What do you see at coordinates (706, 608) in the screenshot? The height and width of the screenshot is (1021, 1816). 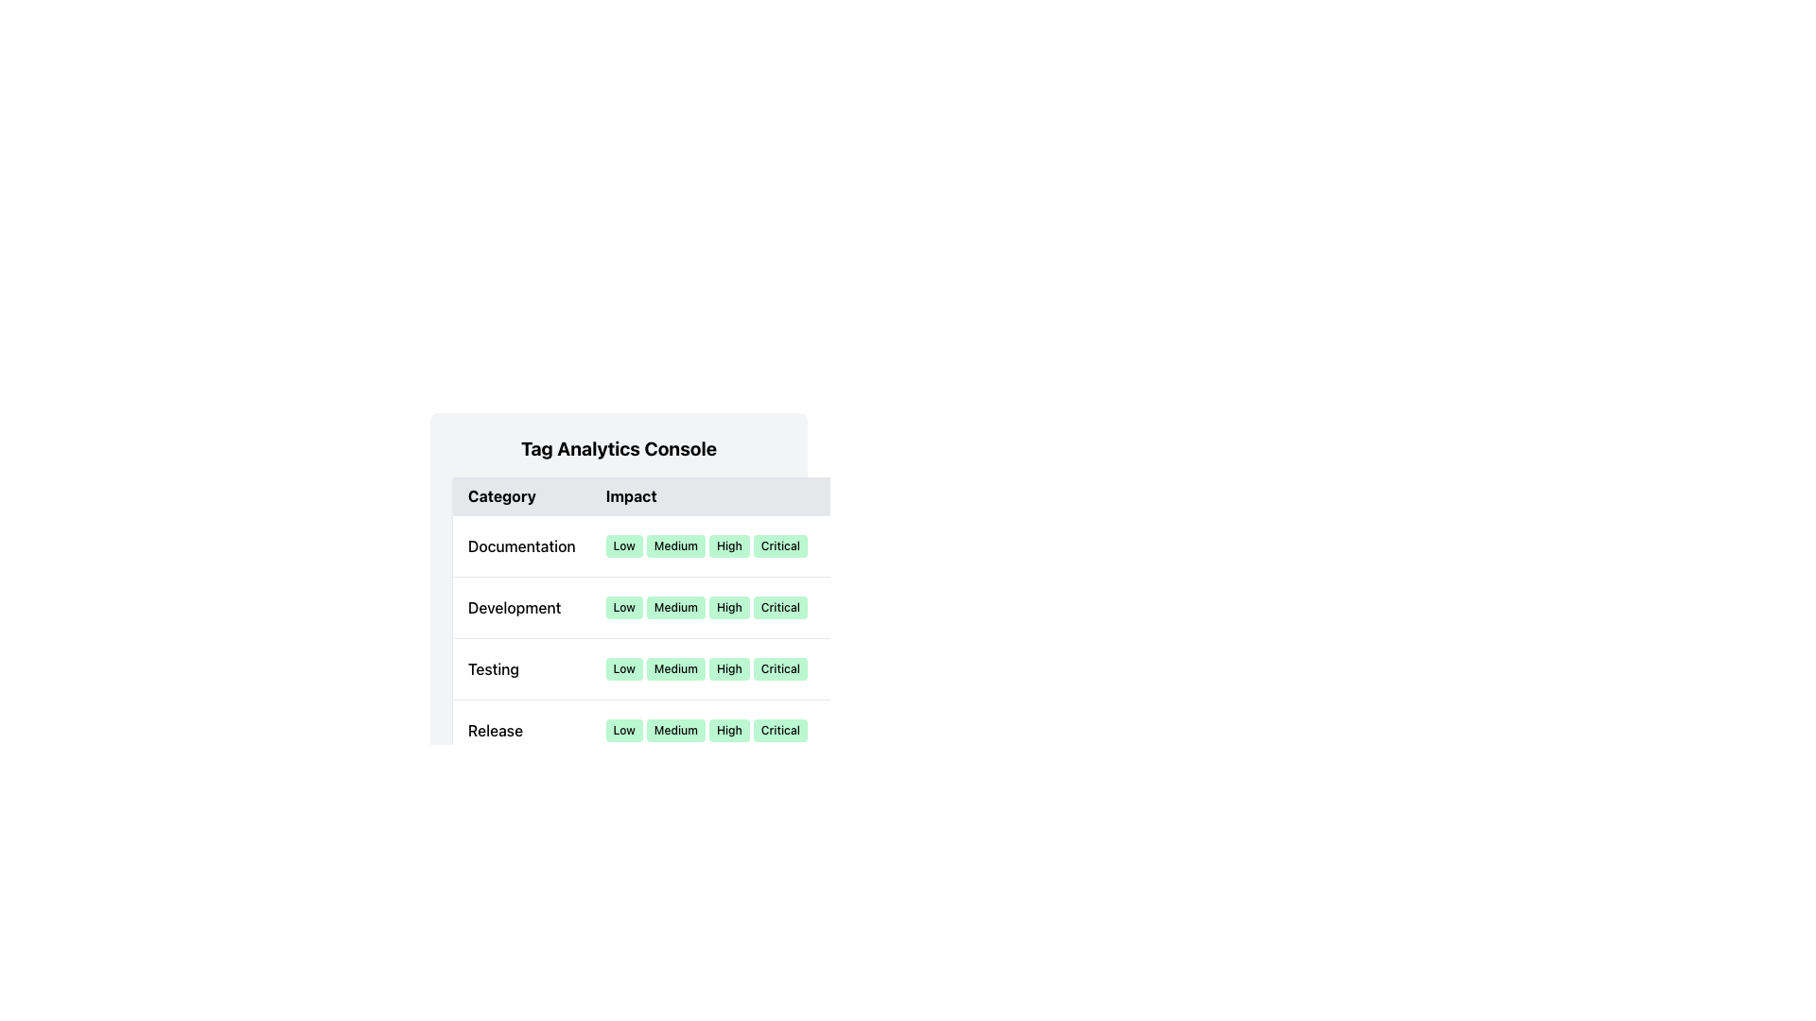 I see `the second group of buttons styled as tags under the 'Impact' column in the 'Development' row of the 'Tag Analytics Console' interface` at bounding box center [706, 608].